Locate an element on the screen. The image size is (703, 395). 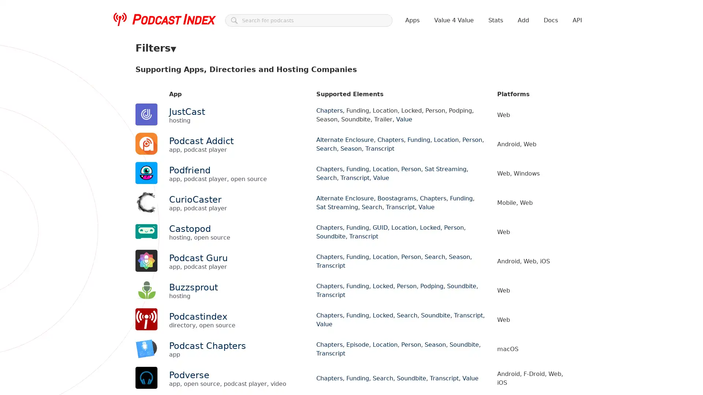
Video is located at coordinates (146, 84).